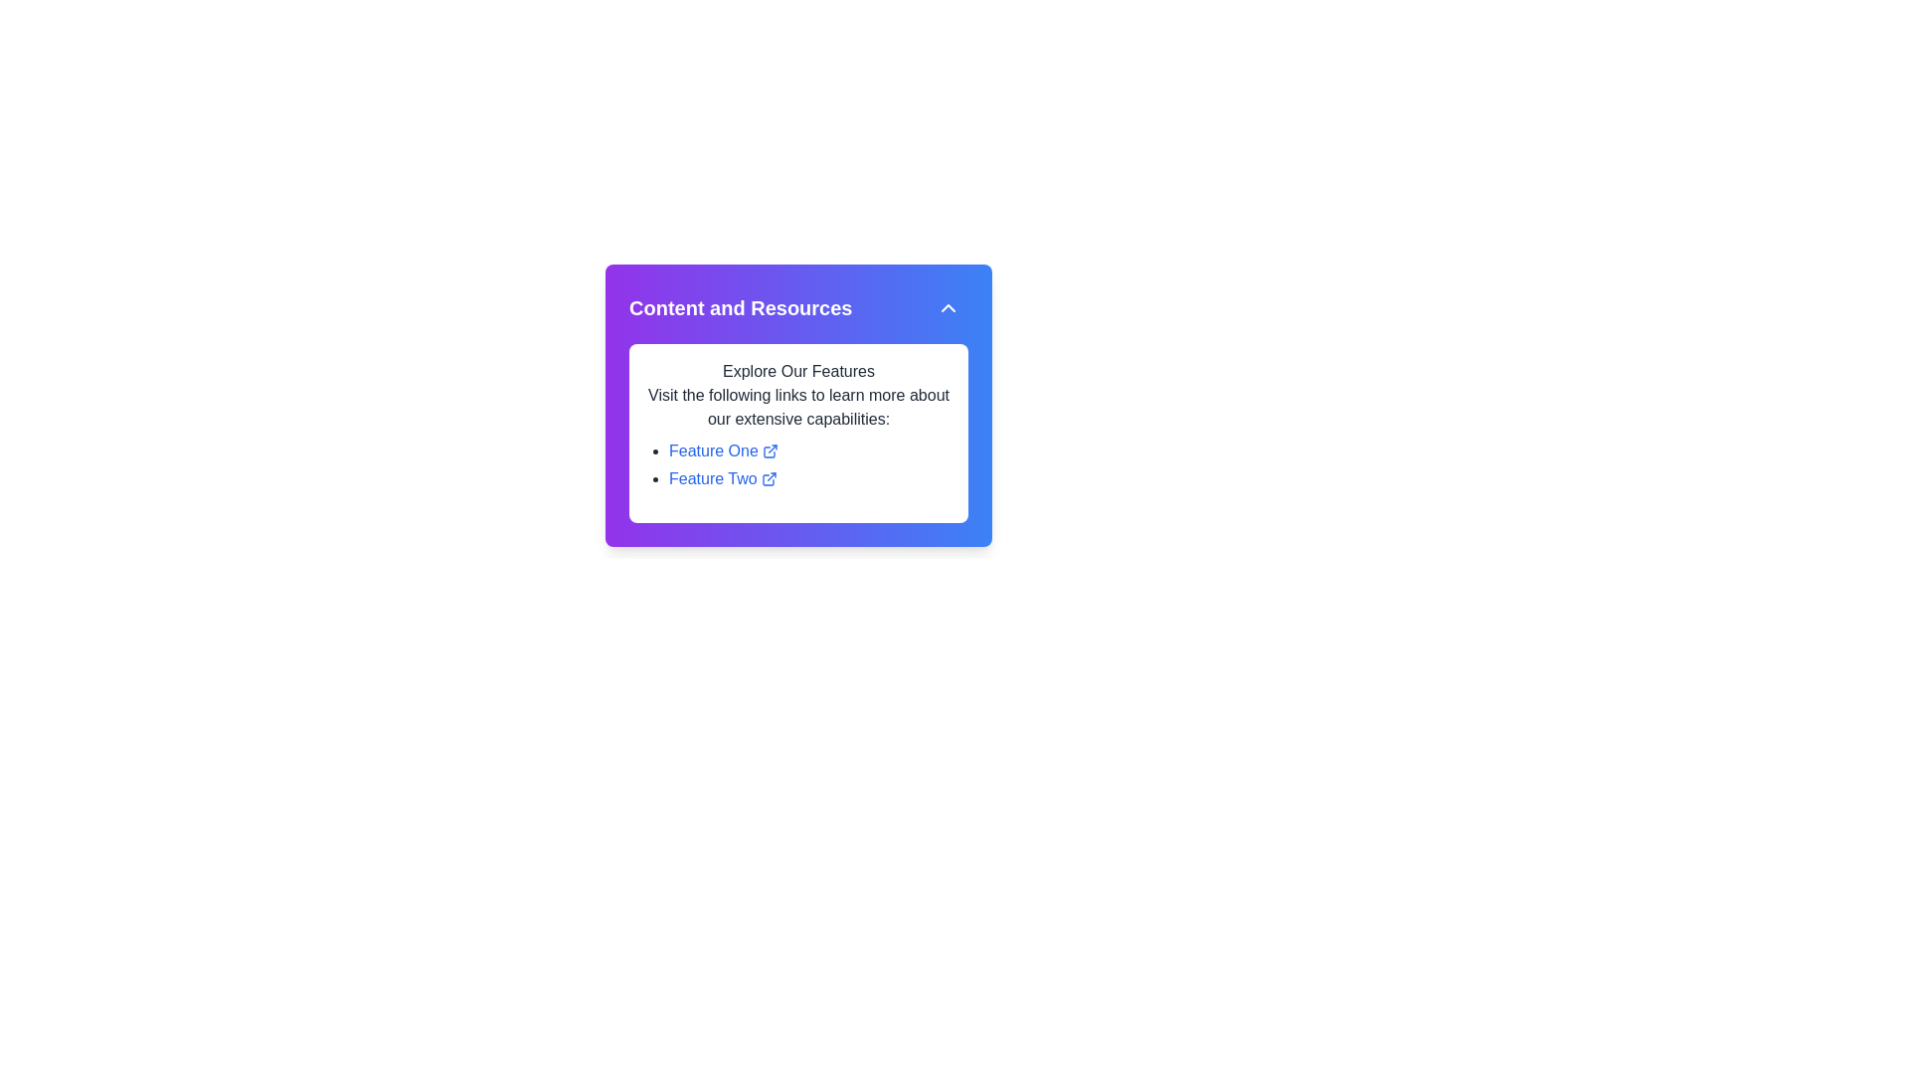  I want to click on the icon, which is a horizontal rectangle with rounded corners in an SVG group, located on the bottom-right of a content card containing features and links, so click(767, 479).